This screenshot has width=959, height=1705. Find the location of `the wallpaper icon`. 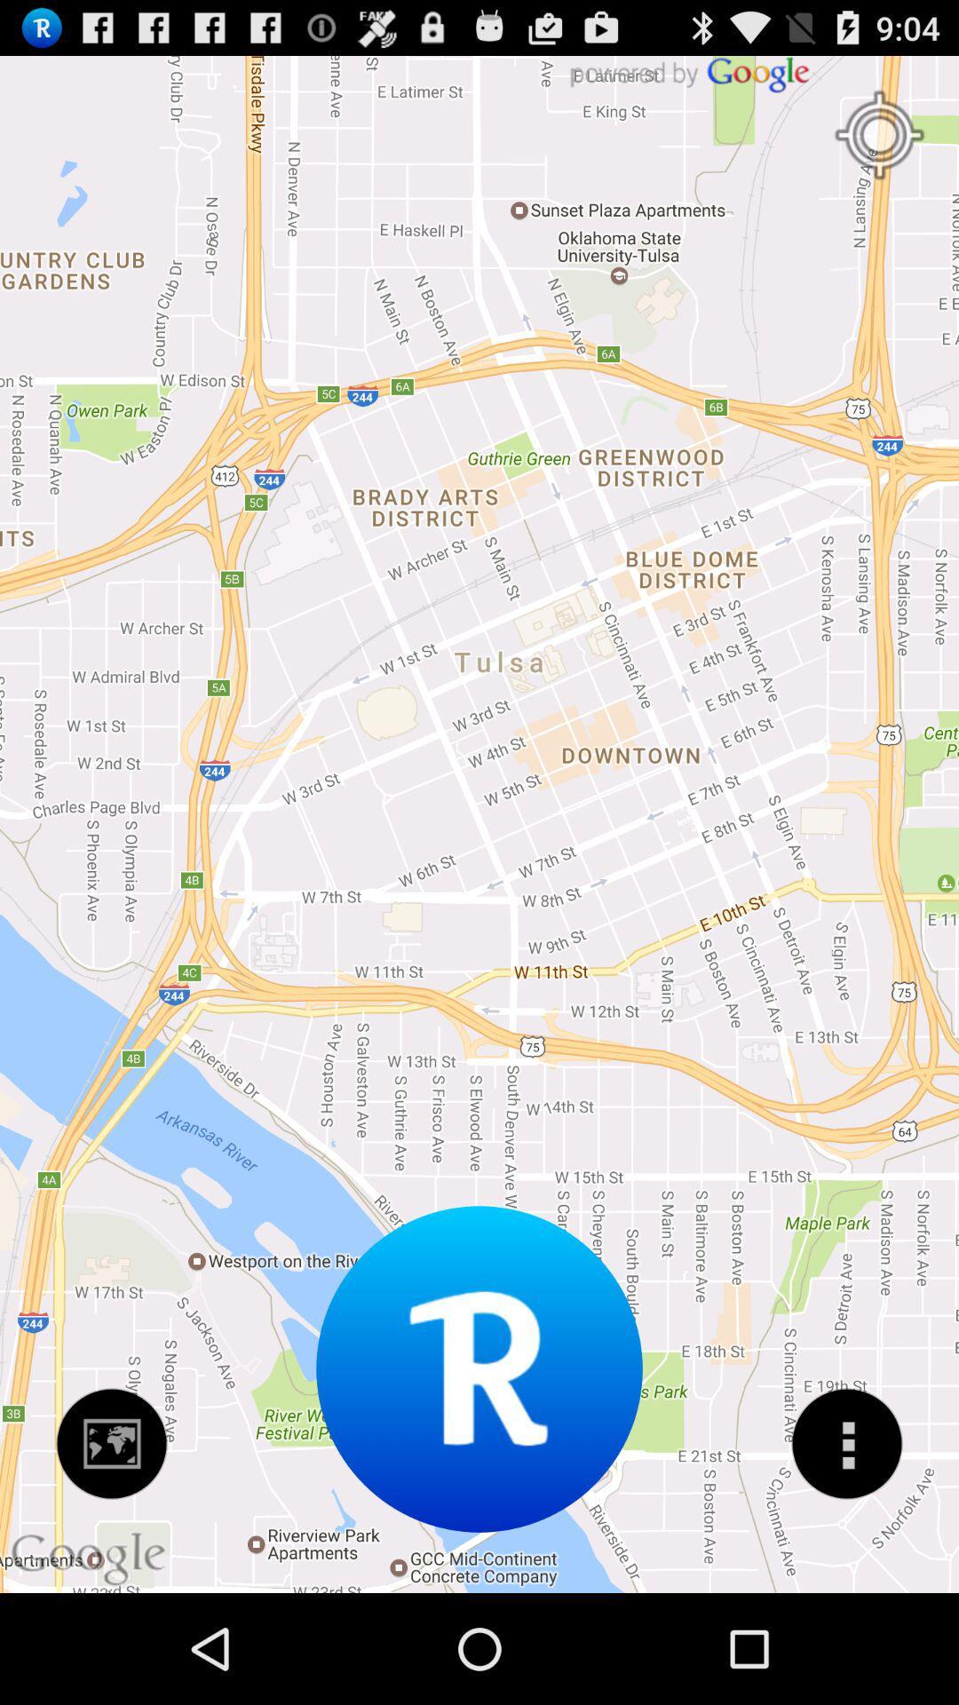

the wallpaper icon is located at coordinates (112, 1544).